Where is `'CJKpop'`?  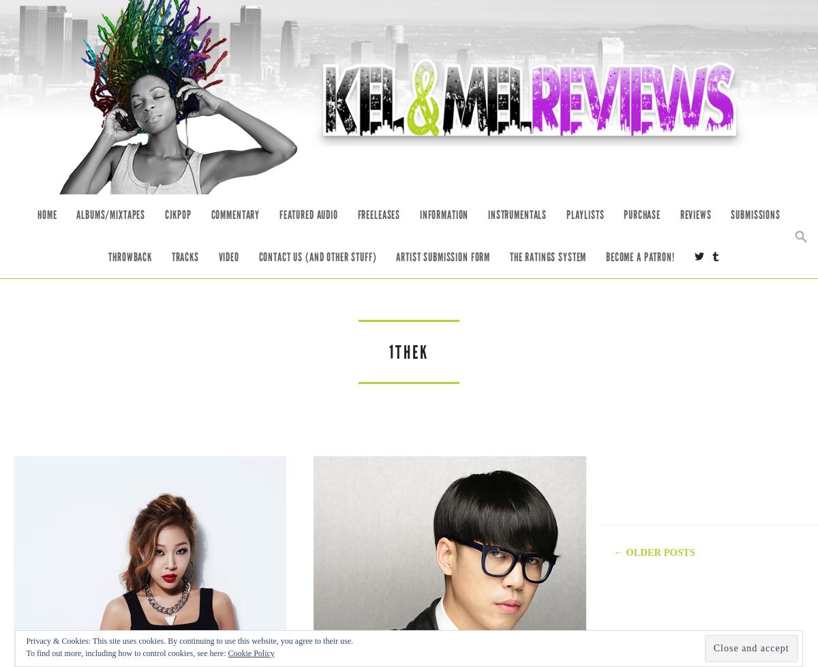 'CJKpop' is located at coordinates (177, 214).